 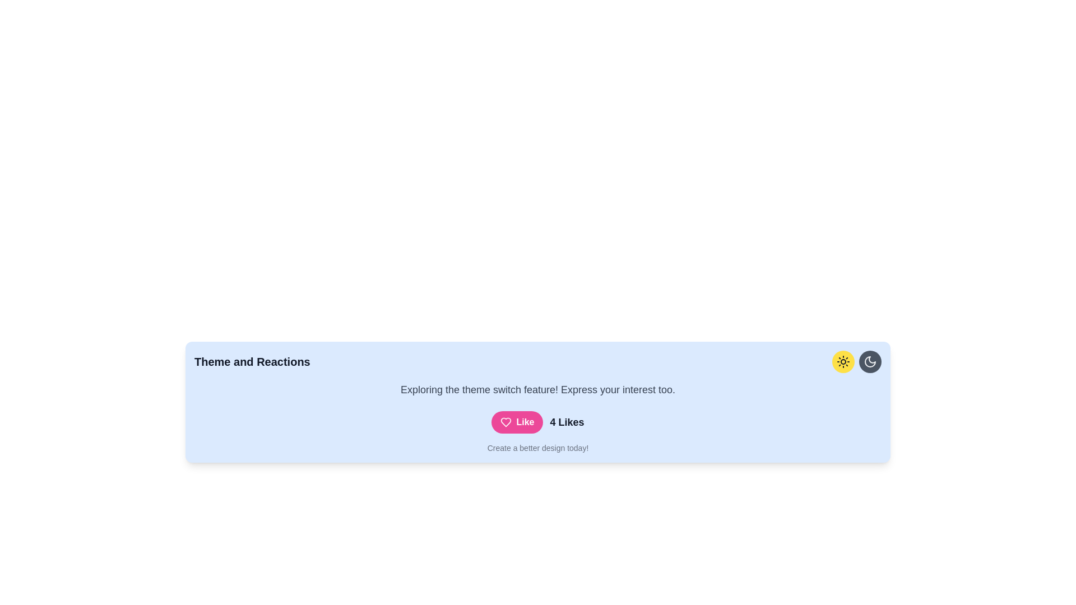 What do you see at coordinates (870, 361) in the screenshot?
I see `the circular button with a dark gray background and a white crescent moon icon to observe the hover effect` at bounding box center [870, 361].